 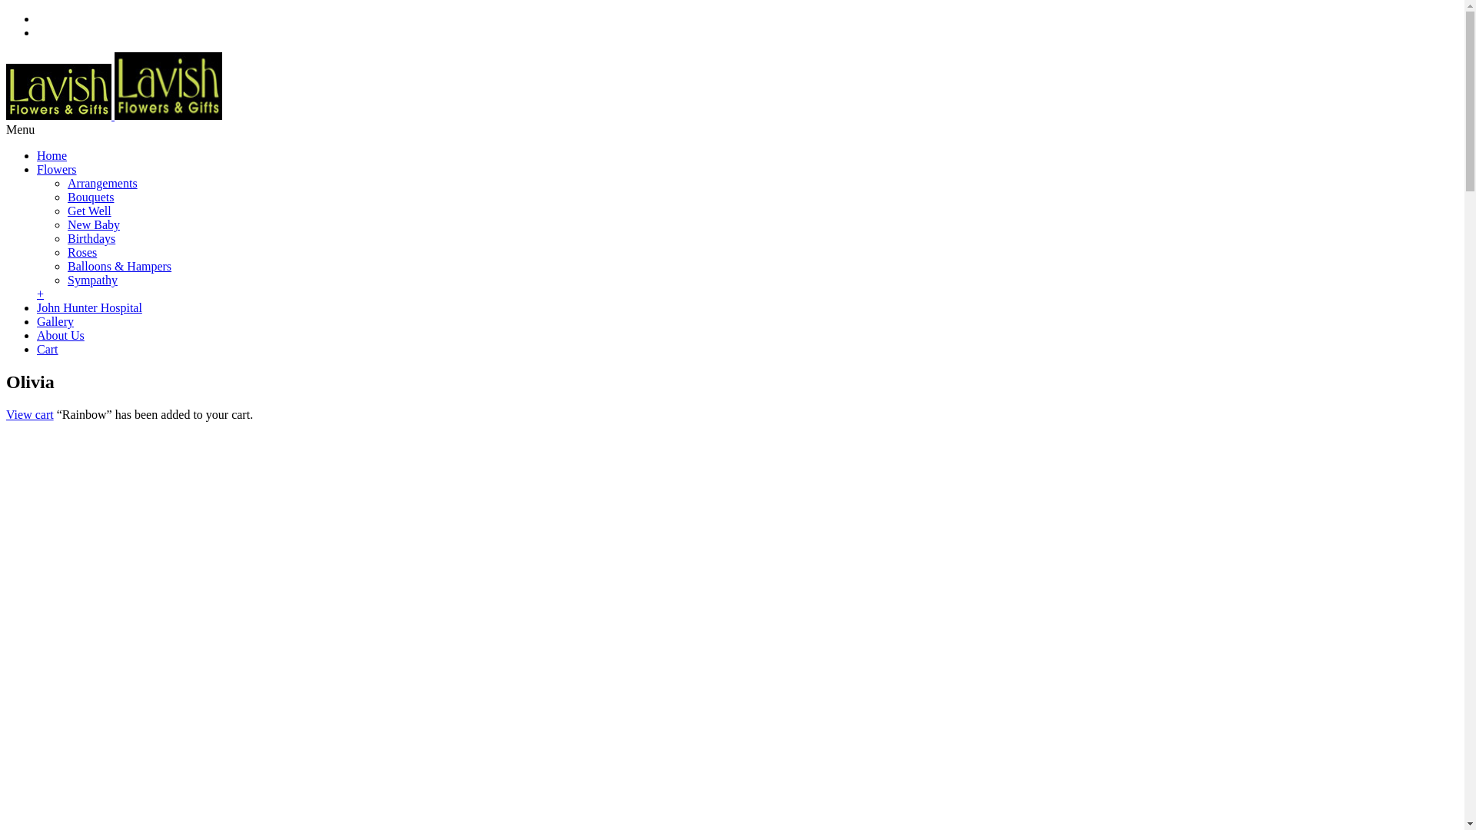 I want to click on 'Lavish Flowers Online', so click(x=113, y=115).